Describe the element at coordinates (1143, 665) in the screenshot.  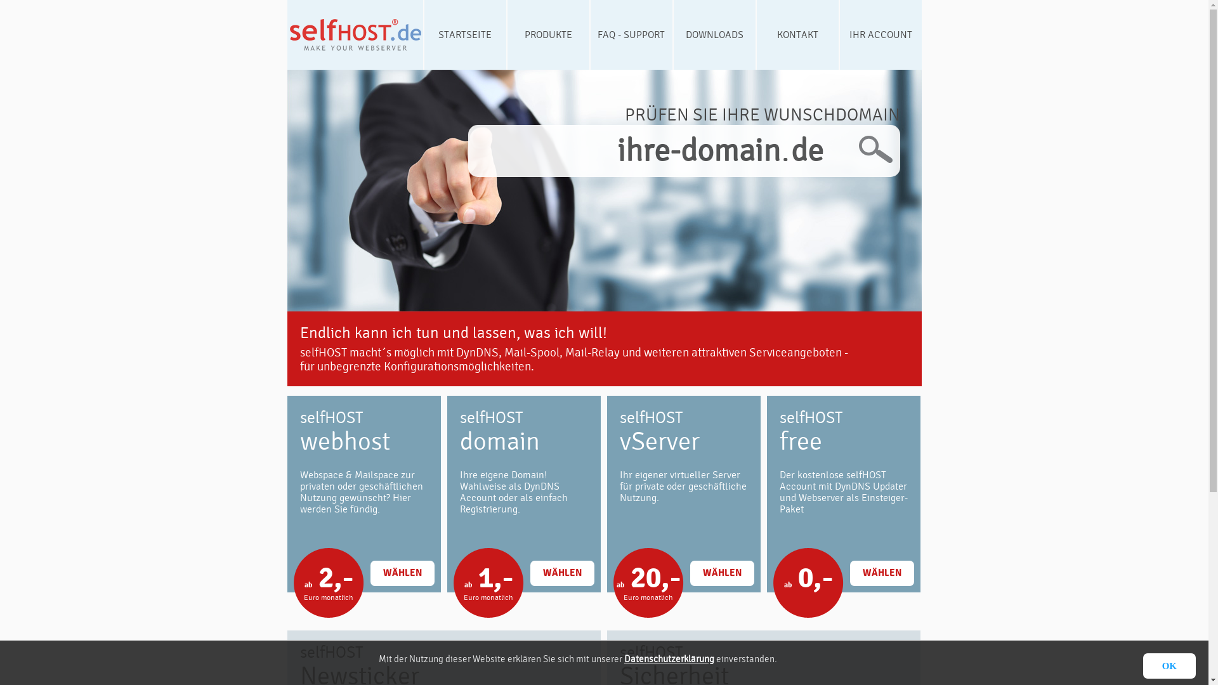
I see `'OK'` at that location.